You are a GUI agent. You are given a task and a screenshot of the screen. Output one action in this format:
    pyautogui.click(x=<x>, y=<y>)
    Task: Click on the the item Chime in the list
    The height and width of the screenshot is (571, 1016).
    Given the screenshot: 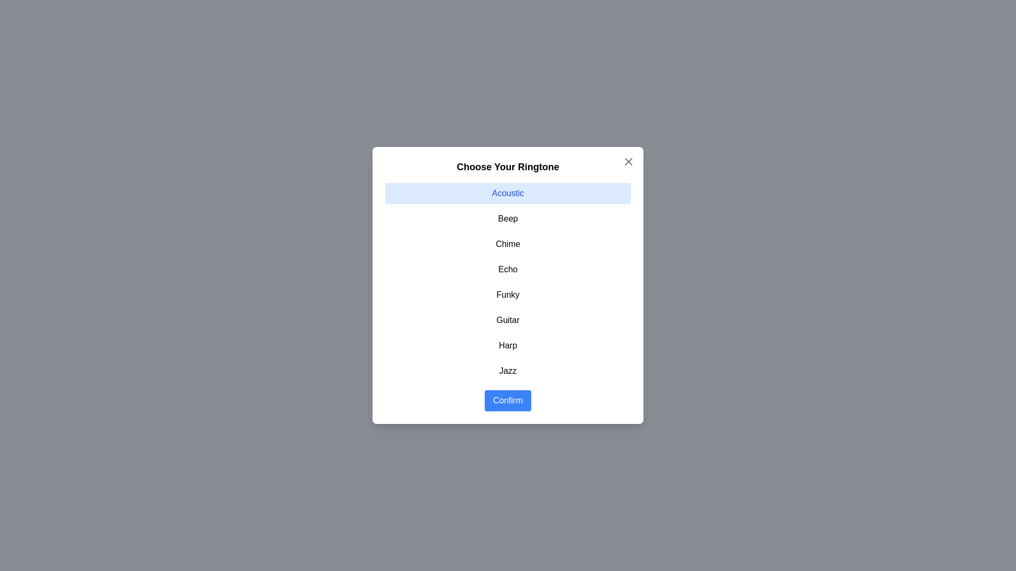 What is the action you would take?
    pyautogui.click(x=508, y=244)
    